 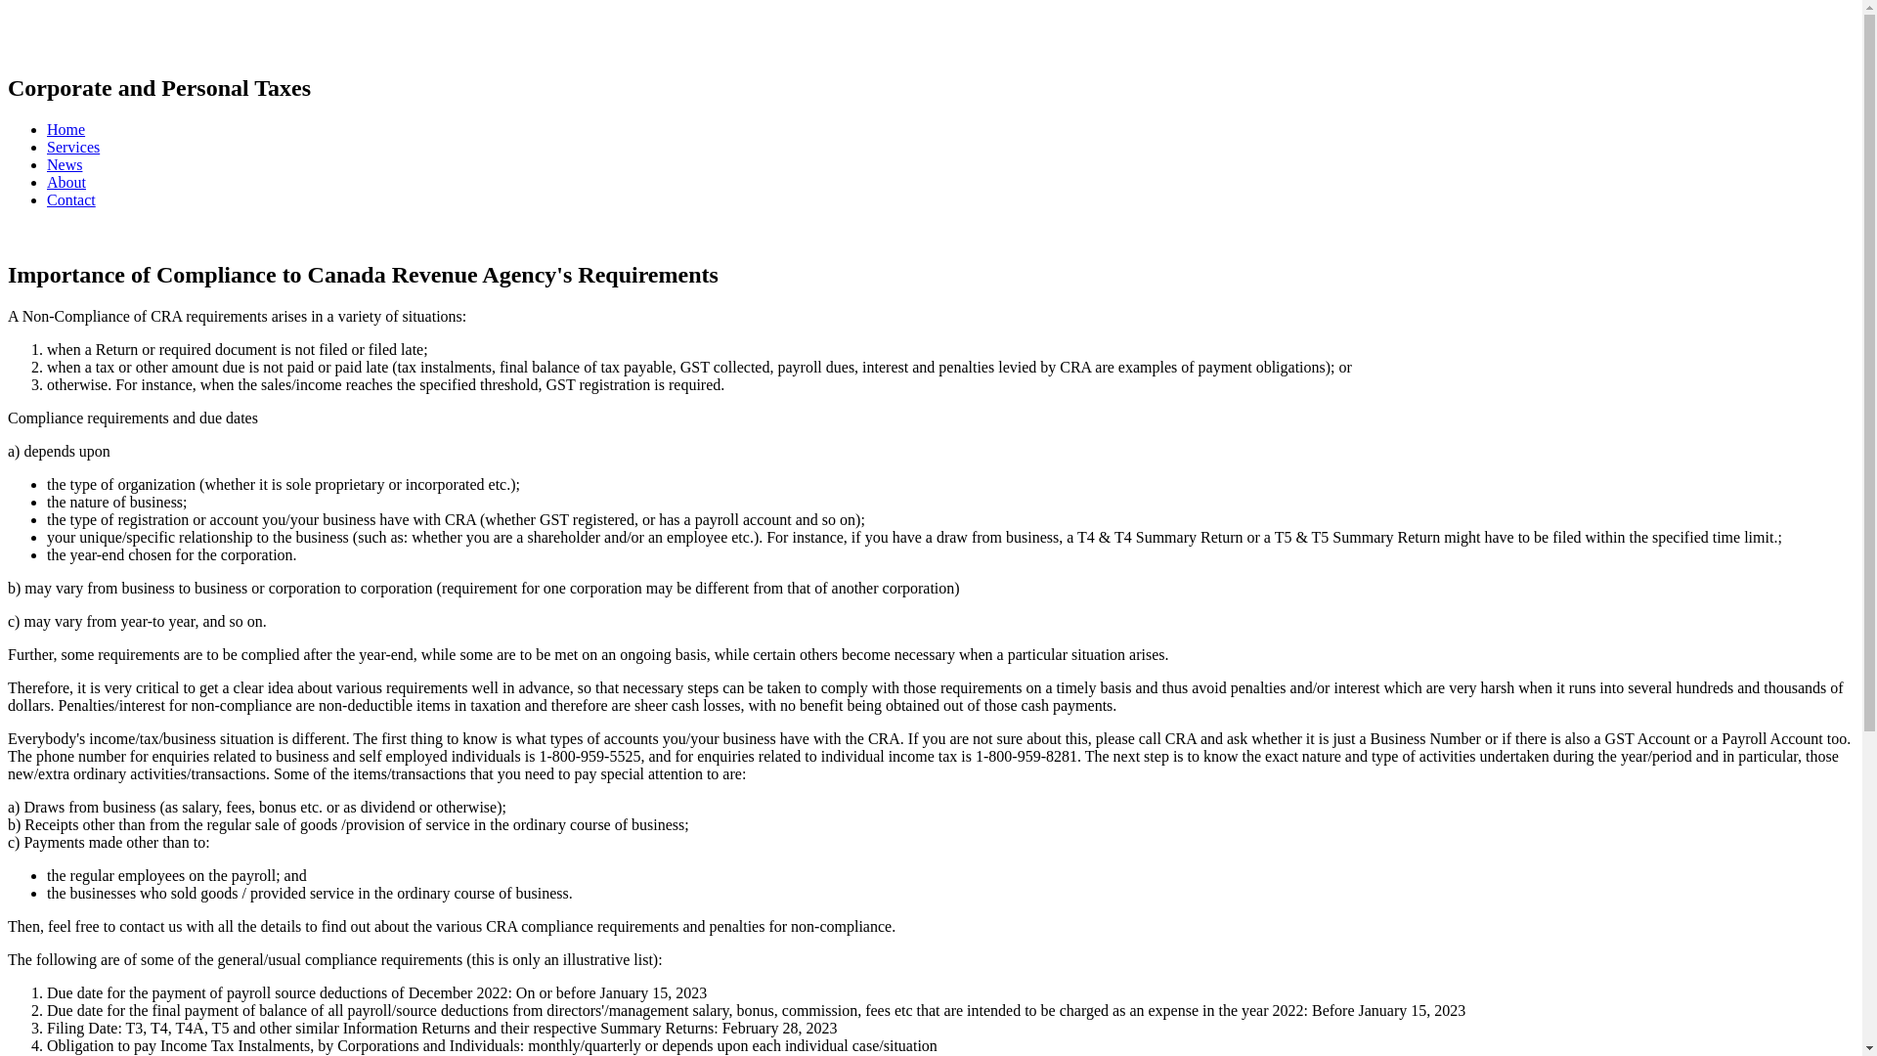 What do you see at coordinates (65, 182) in the screenshot?
I see `'About'` at bounding box center [65, 182].